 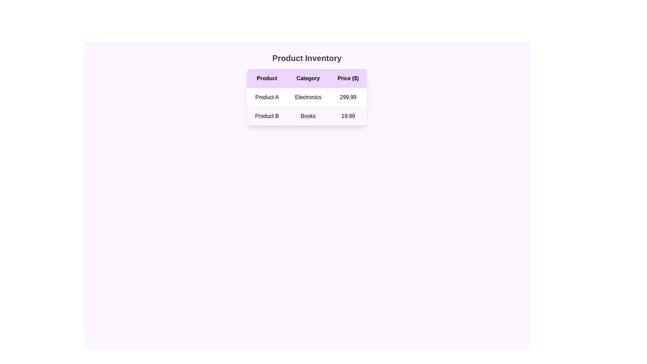 What do you see at coordinates (307, 116) in the screenshot?
I see `the table row containing 'Product B', 'Books', and '19.99', which is located in the second row of the table with a light purple background` at bounding box center [307, 116].